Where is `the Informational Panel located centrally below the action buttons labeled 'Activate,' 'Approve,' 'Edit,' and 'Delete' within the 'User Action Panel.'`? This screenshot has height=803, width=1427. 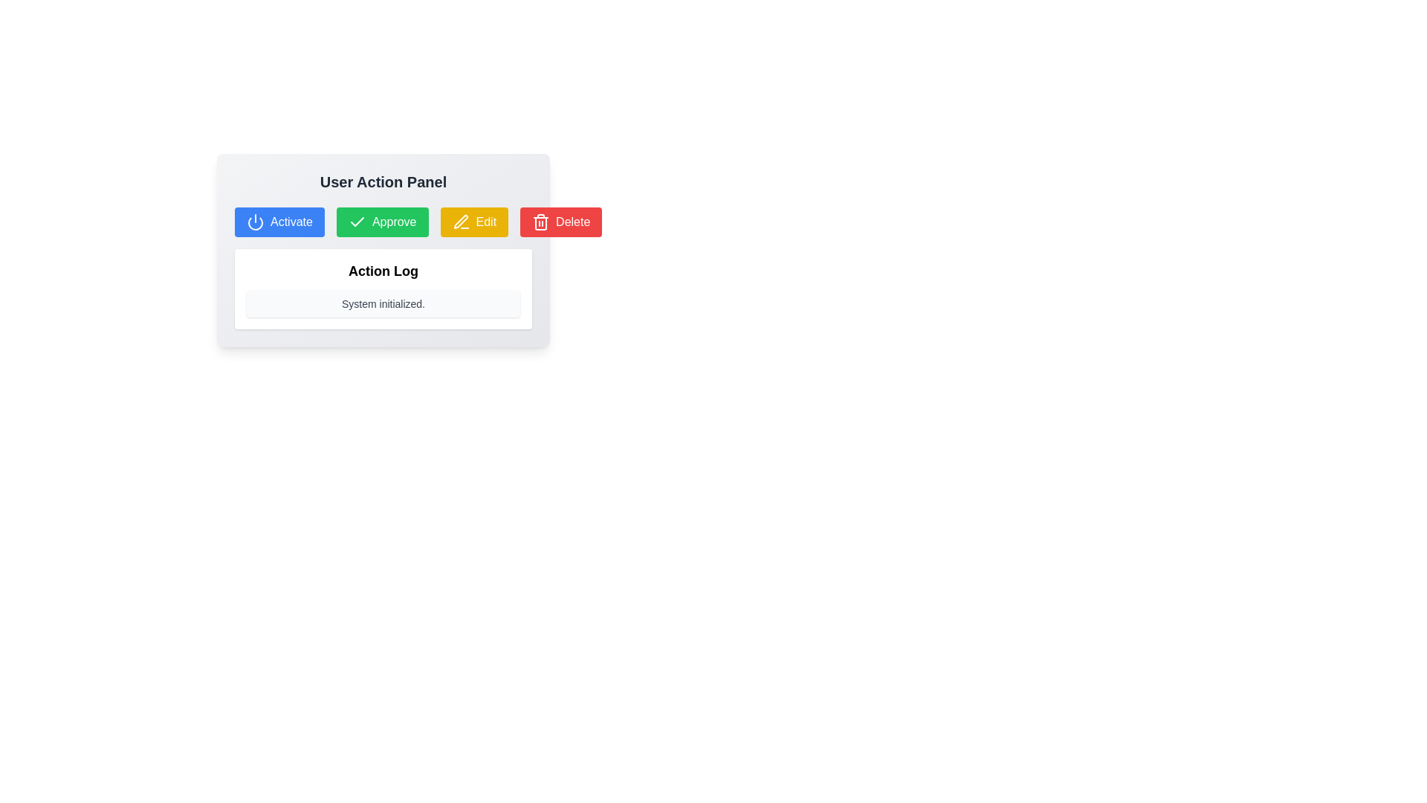
the Informational Panel located centrally below the action buttons labeled 'Activate,' 'Approve,' 'Edit,' and 'Delete' within the 'User Action Panel.' is located at coordinates (383, 289).